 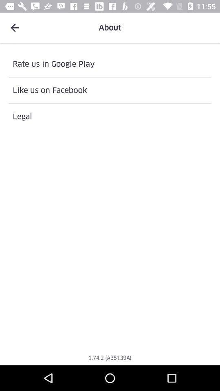 I want to click on the item below rate us in item, so click(x=110, y=90).